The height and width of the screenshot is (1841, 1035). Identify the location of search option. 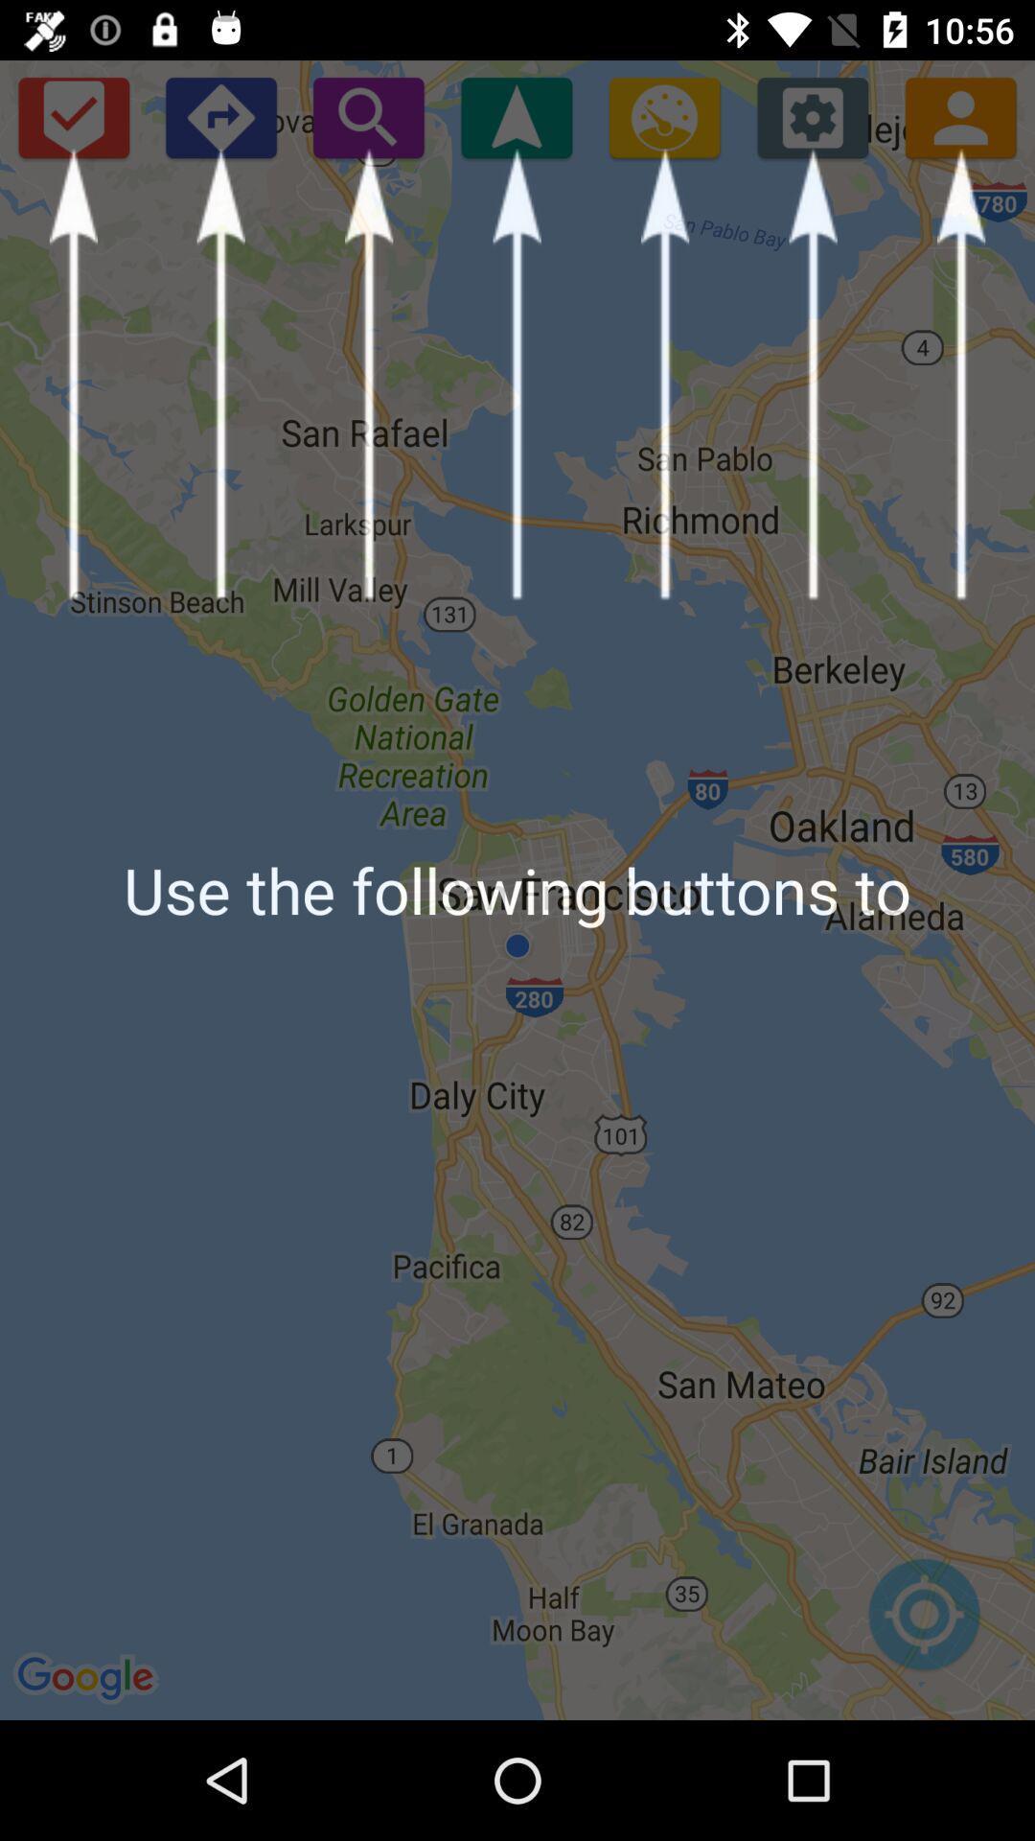
(368, 116).